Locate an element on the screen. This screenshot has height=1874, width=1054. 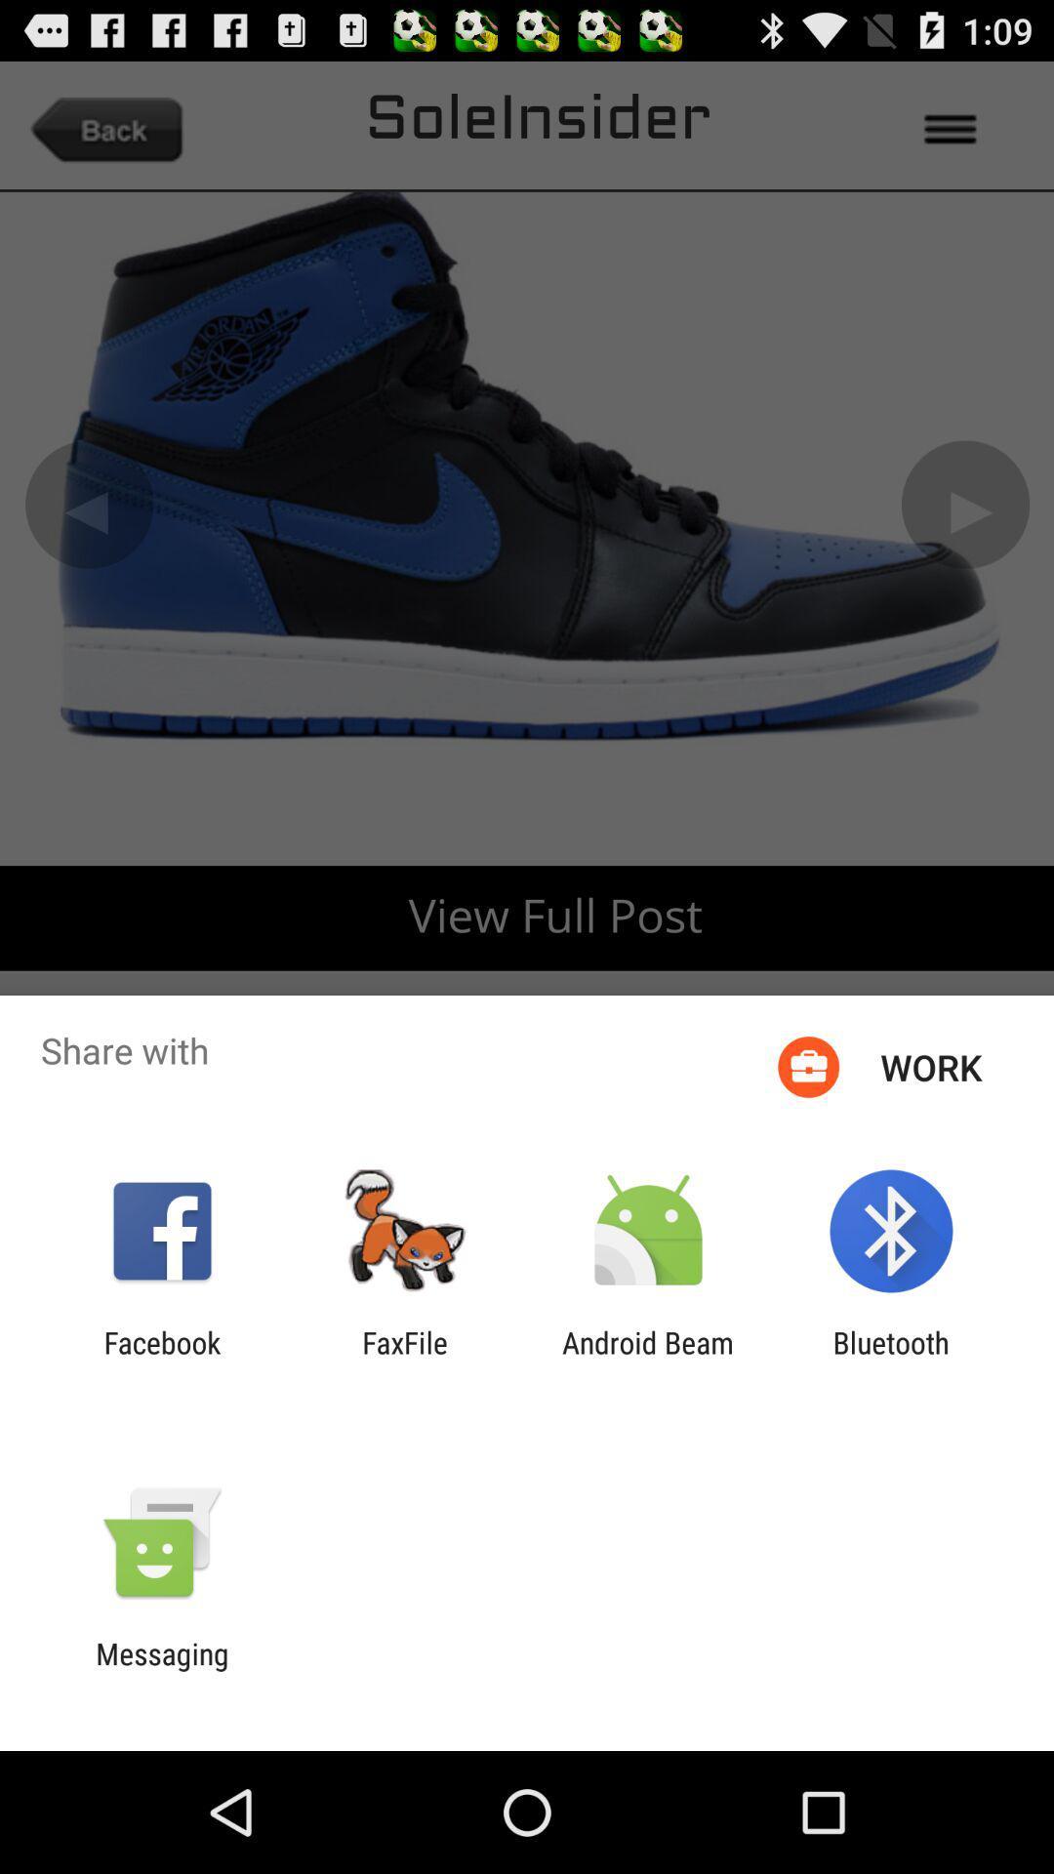
the messaging app is located at coordinates (161, 1670).